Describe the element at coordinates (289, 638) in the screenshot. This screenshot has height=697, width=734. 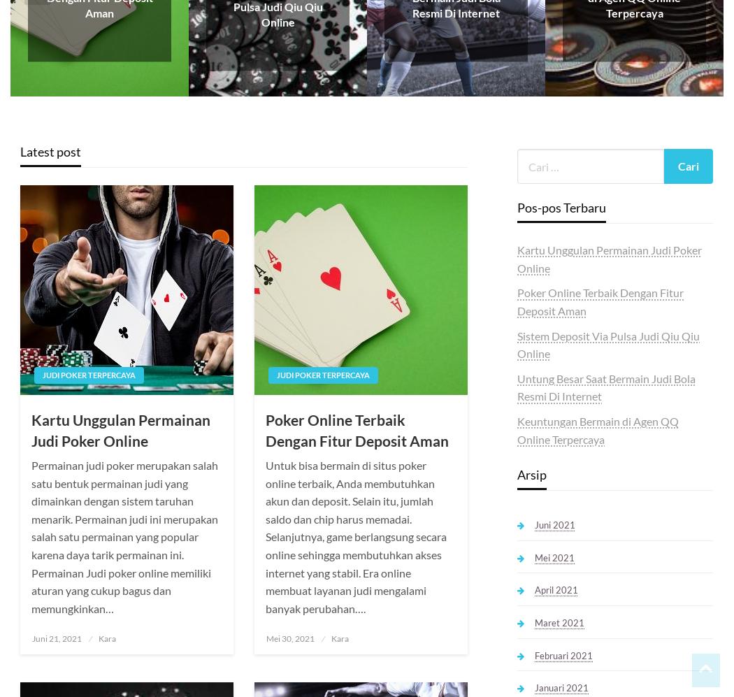
I see `'Mei 30, 2021'` at that location.